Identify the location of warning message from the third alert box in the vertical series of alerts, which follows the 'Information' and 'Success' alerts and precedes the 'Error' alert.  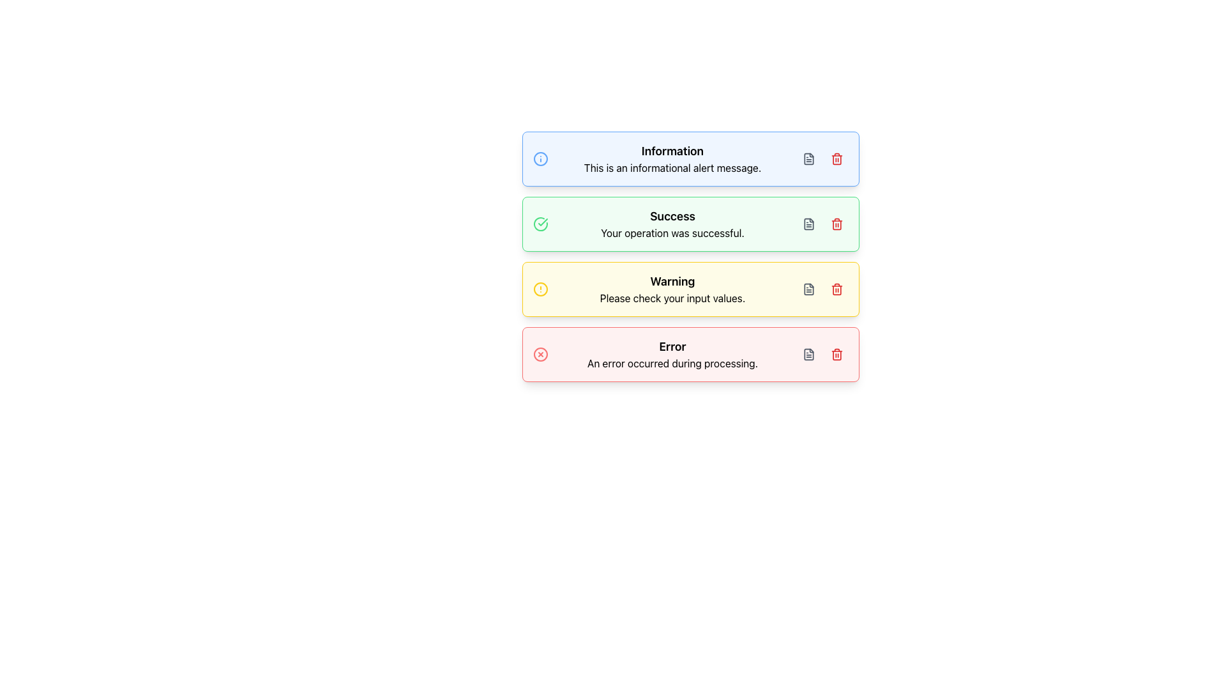
(690, 289).